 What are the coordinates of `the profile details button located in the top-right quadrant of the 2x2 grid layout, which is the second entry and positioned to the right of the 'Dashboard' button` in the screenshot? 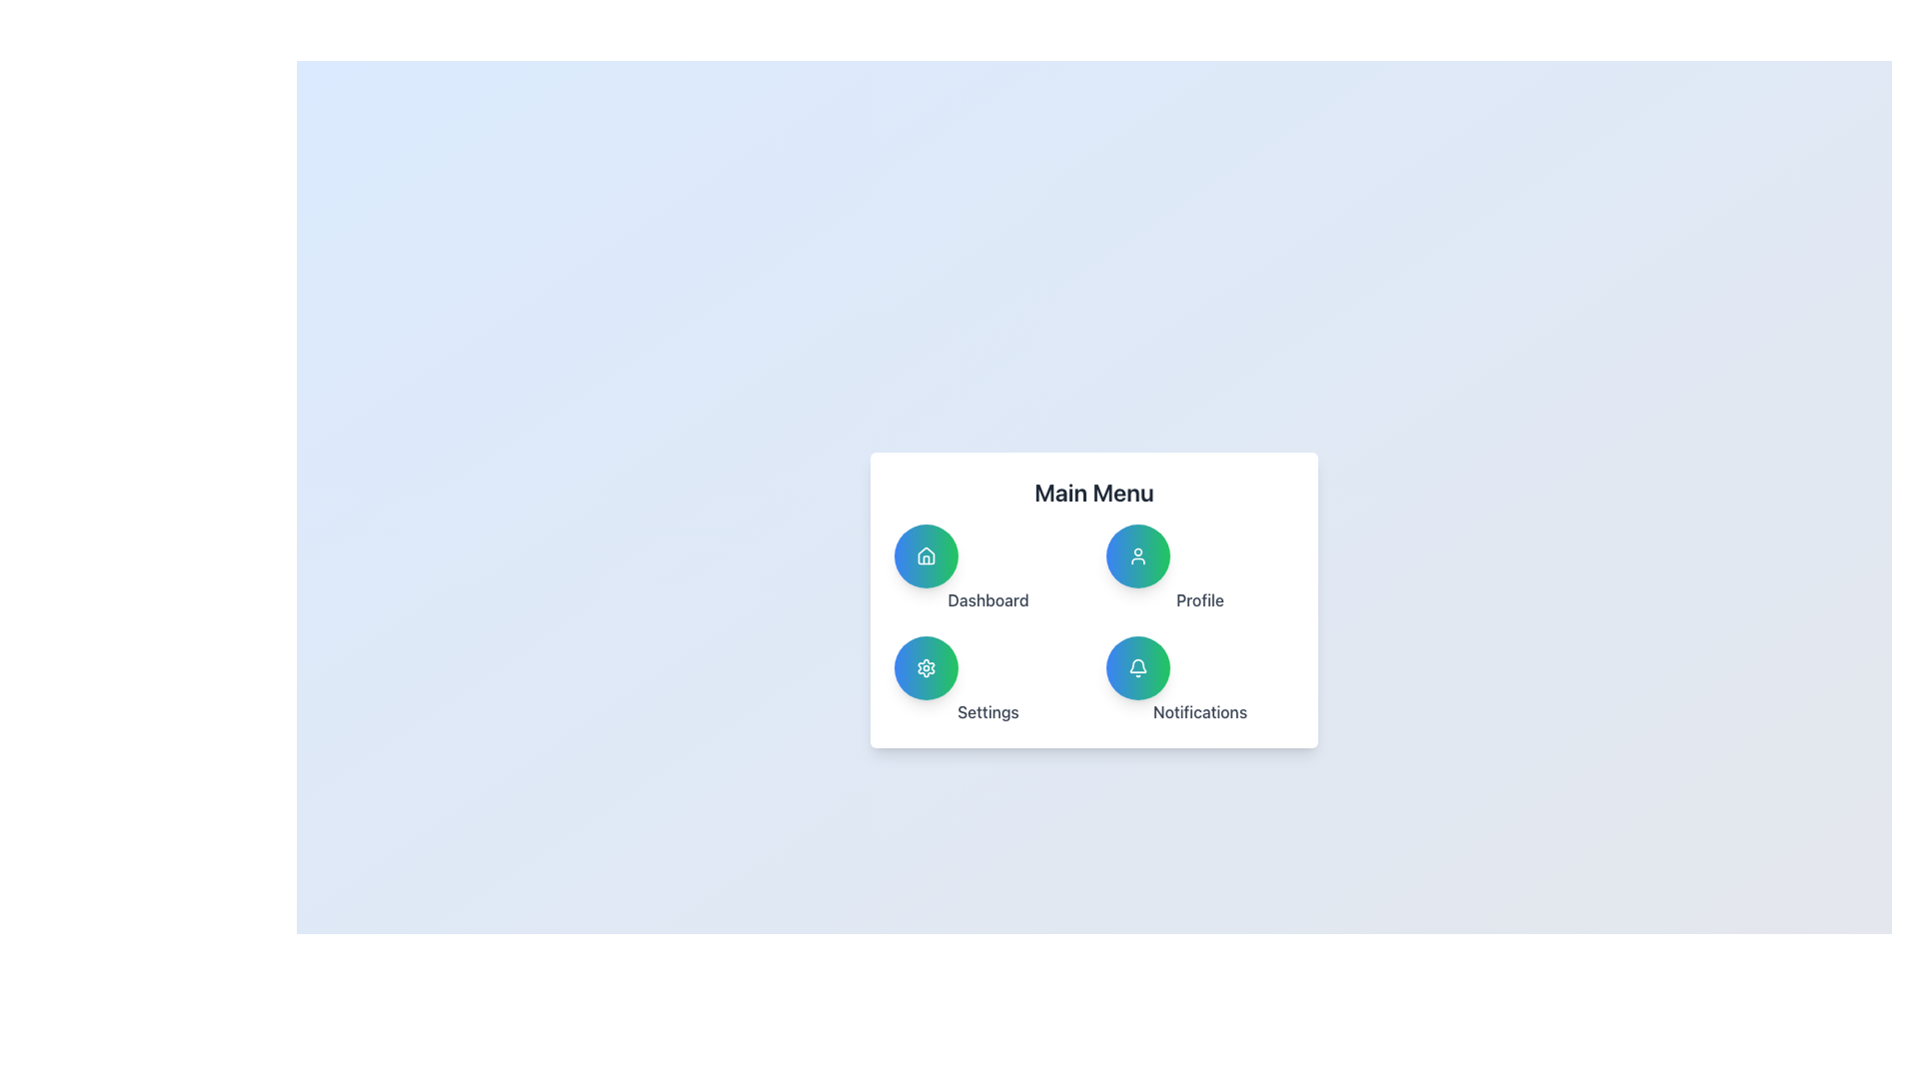 It's located at (1199, 568).